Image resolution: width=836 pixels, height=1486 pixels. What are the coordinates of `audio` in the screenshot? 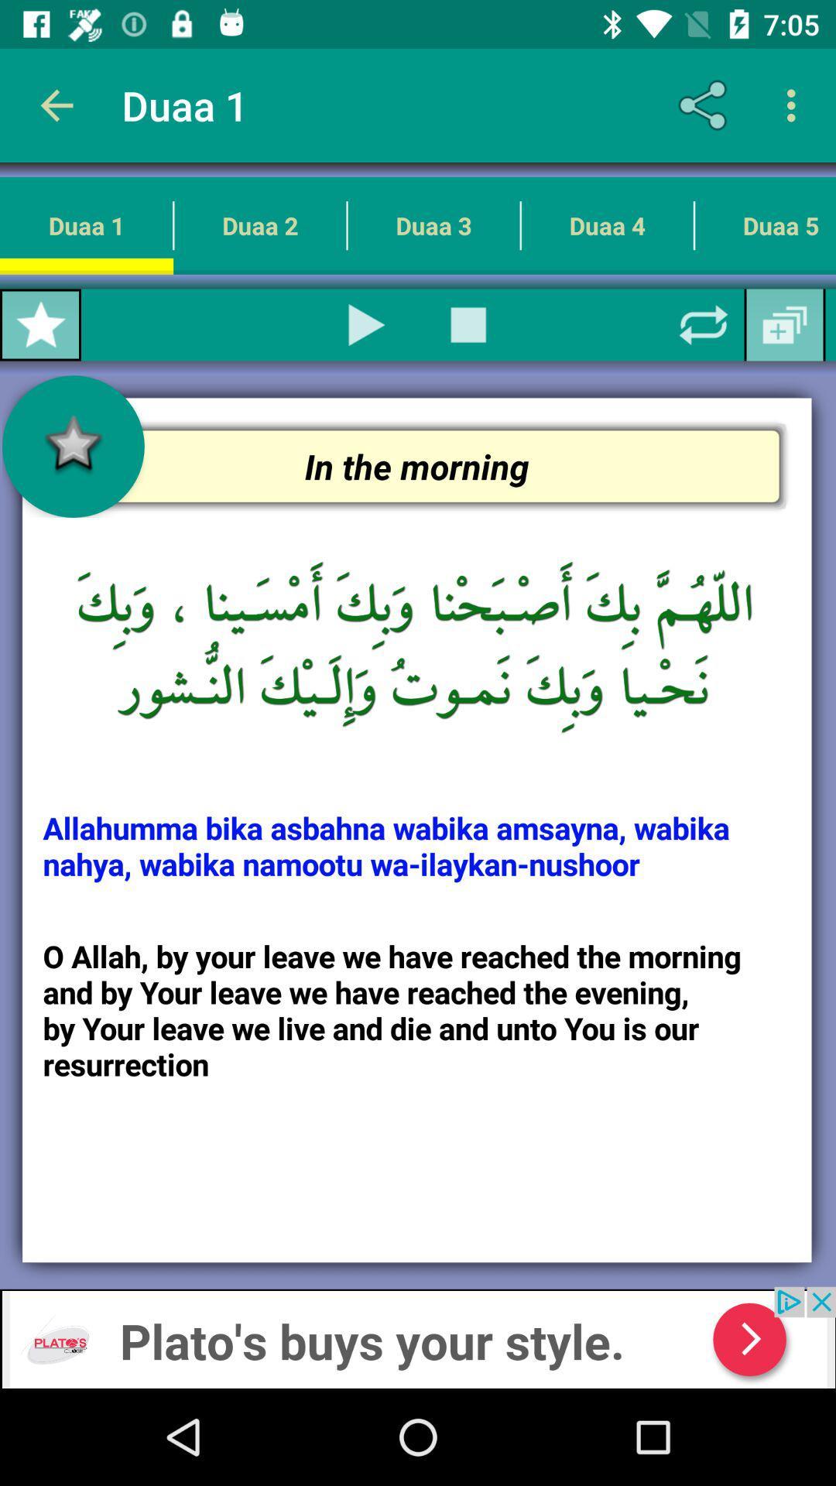 It's located at (367, 324).